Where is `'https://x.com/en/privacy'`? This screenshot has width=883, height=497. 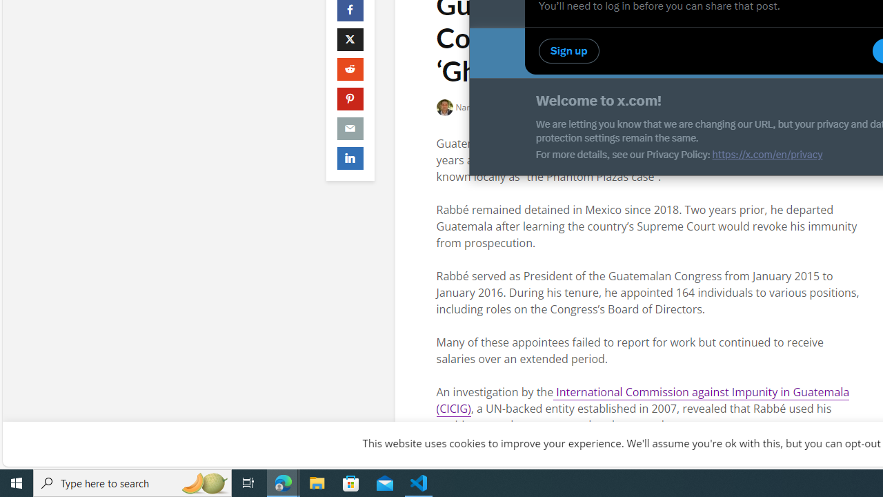 'https://x.com/en/privacy' is located at coordinates (766, 154).